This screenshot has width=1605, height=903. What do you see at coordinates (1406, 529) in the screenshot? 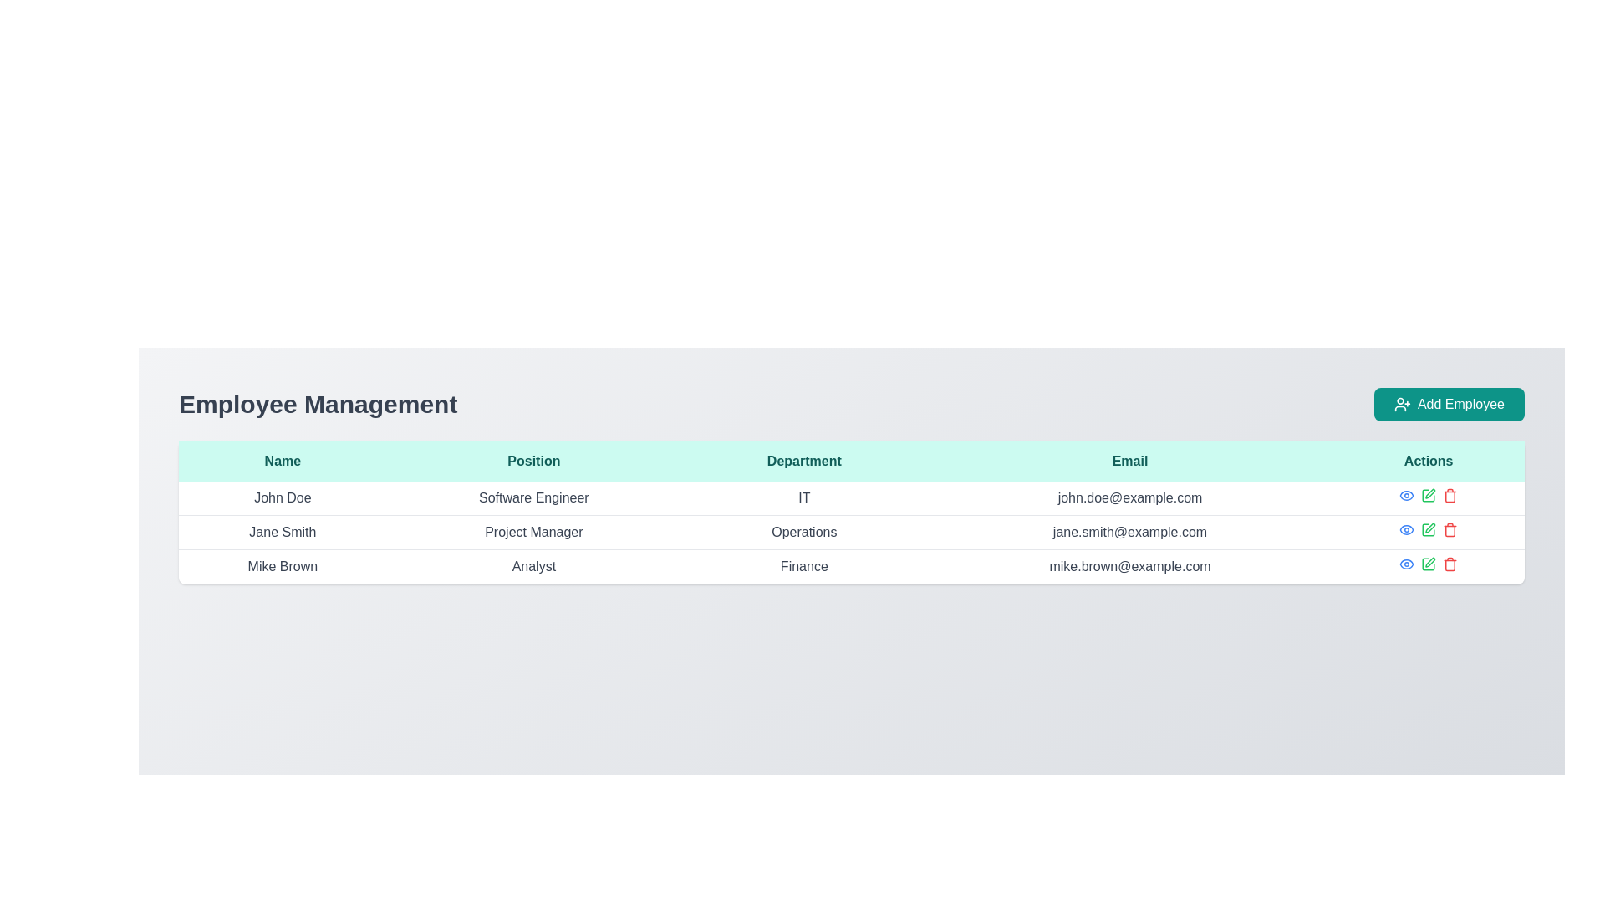
I see `the eye icon component in the Actions column for the user Mike Brown` at bounding box center [1406, 529].